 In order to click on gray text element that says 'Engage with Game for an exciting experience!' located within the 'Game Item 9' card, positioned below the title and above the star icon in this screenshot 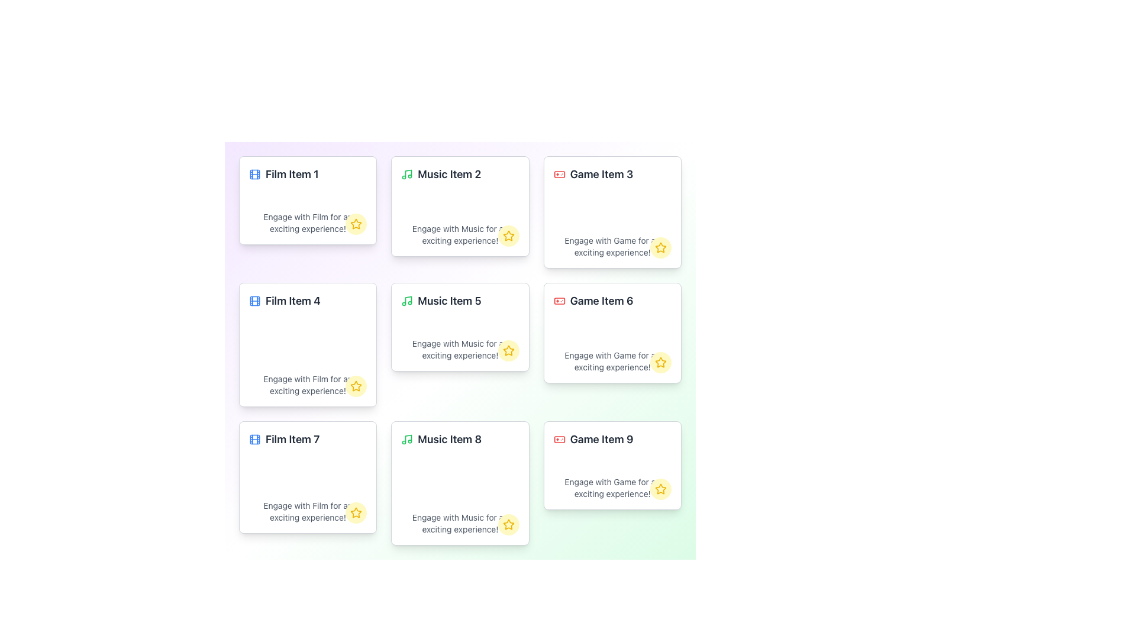, I will do `click(612, 488)`.